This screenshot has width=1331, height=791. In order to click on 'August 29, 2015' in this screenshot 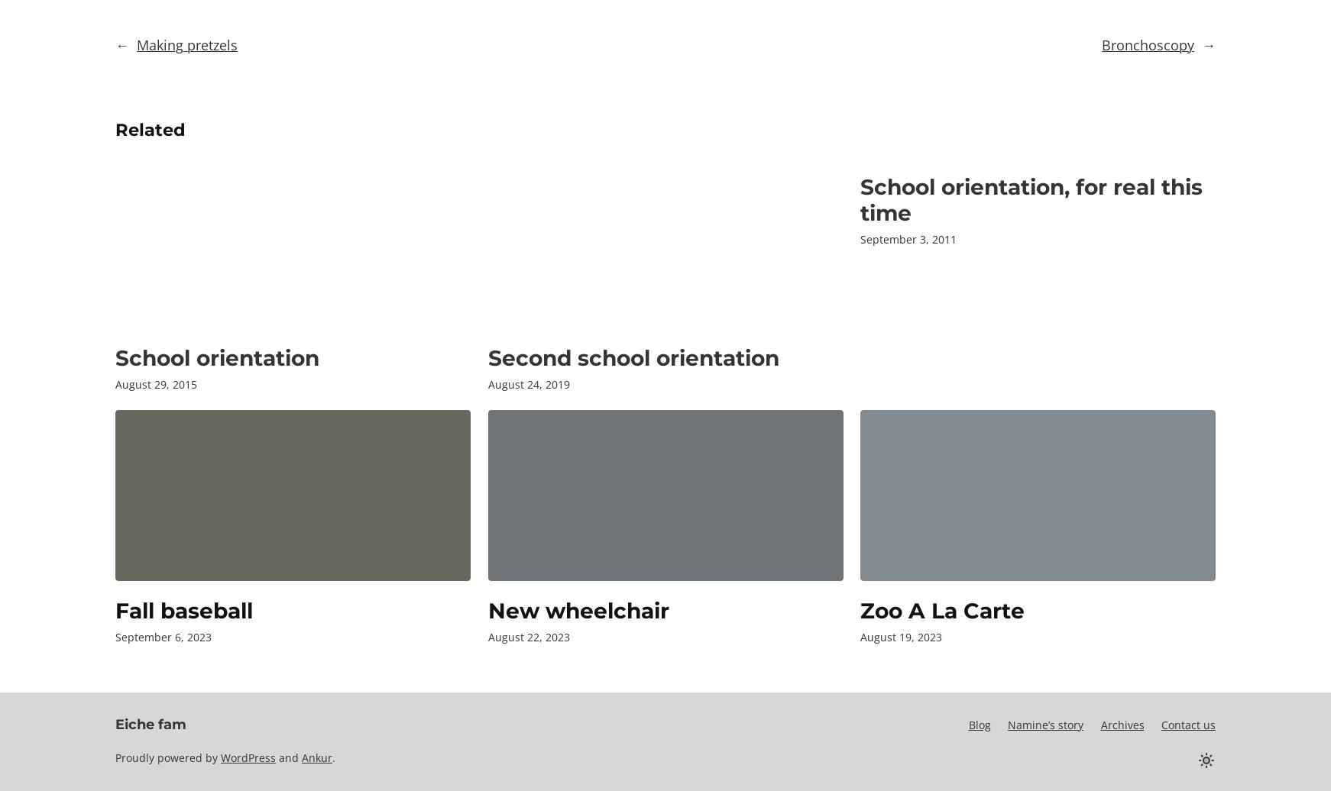, I will do `click(156, 384)`.